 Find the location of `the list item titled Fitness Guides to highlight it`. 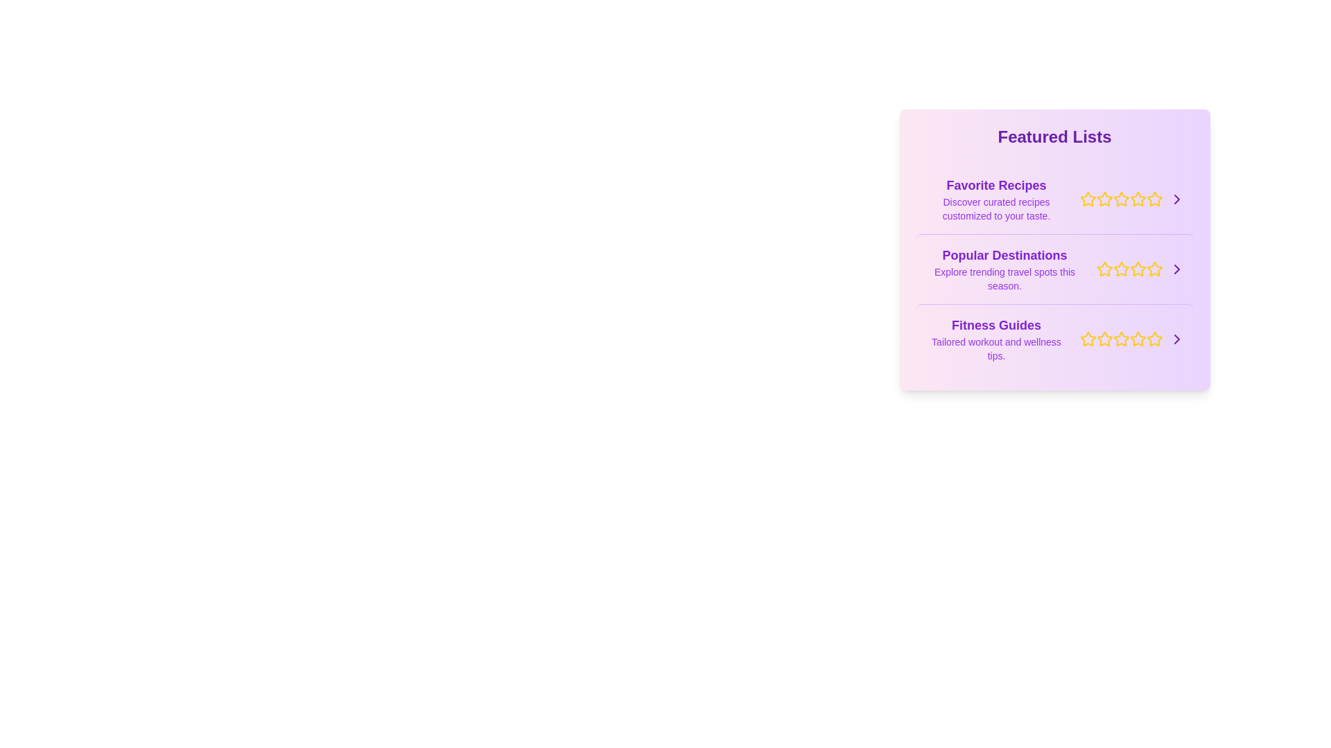

the list item titled Fitness Guides to highlight it is located at coordinates (1054, 339).